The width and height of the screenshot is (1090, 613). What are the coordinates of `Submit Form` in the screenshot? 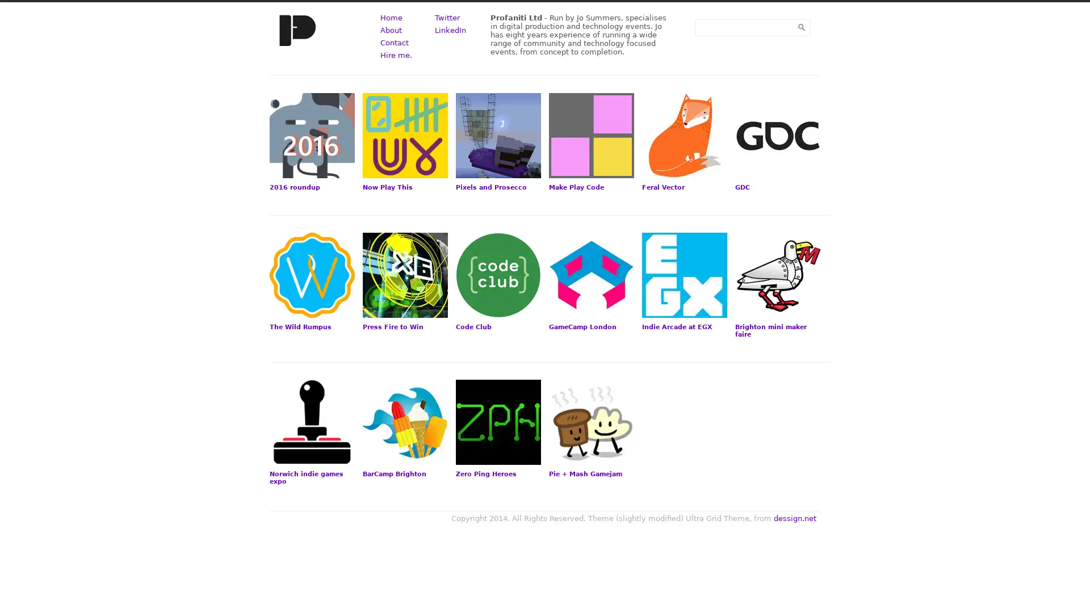 It's located at (800, 27).